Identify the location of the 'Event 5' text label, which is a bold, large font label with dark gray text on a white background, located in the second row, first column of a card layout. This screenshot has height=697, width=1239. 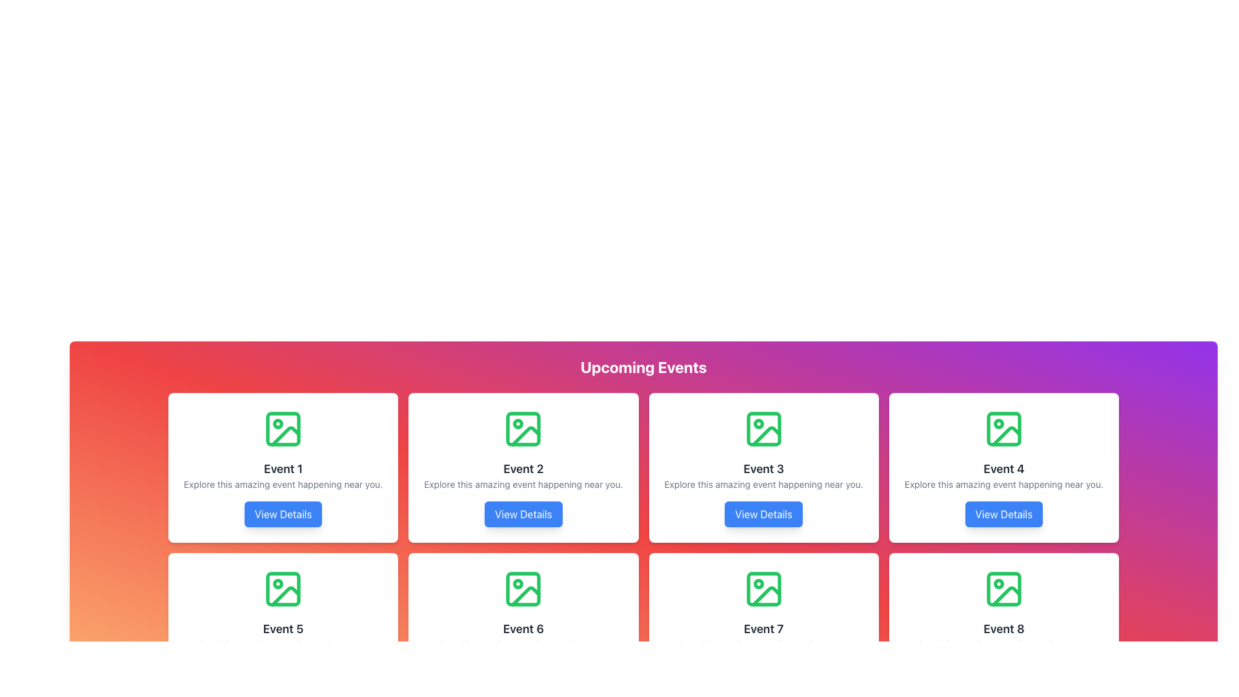
(283, 629).